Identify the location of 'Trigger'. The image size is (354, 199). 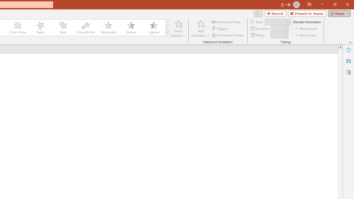
(221, 28).